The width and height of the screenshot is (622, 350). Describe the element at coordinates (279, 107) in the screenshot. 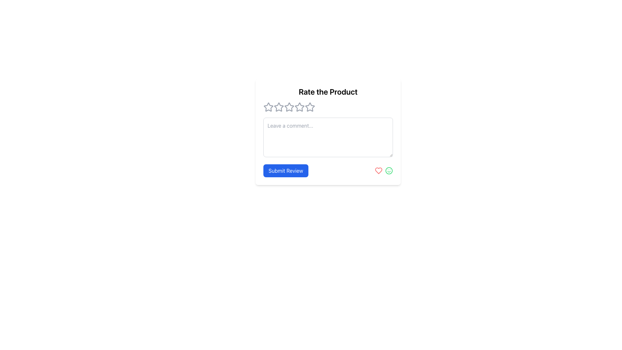

I see `the first star-shaped icon with a hollow interior and gray outline to rate the product, located below the 'Rate the Product' text` at that location.